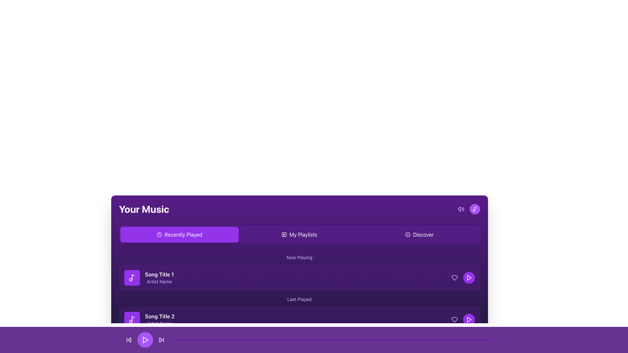 Image resolution: width=628 pixels, height=353 pixels. What do you see at coordinates (468, 277) in the screenshot?
I see `the triangular play icon within the purple circular button located in the last row of the music player interface` at bounding box center [468, 277].